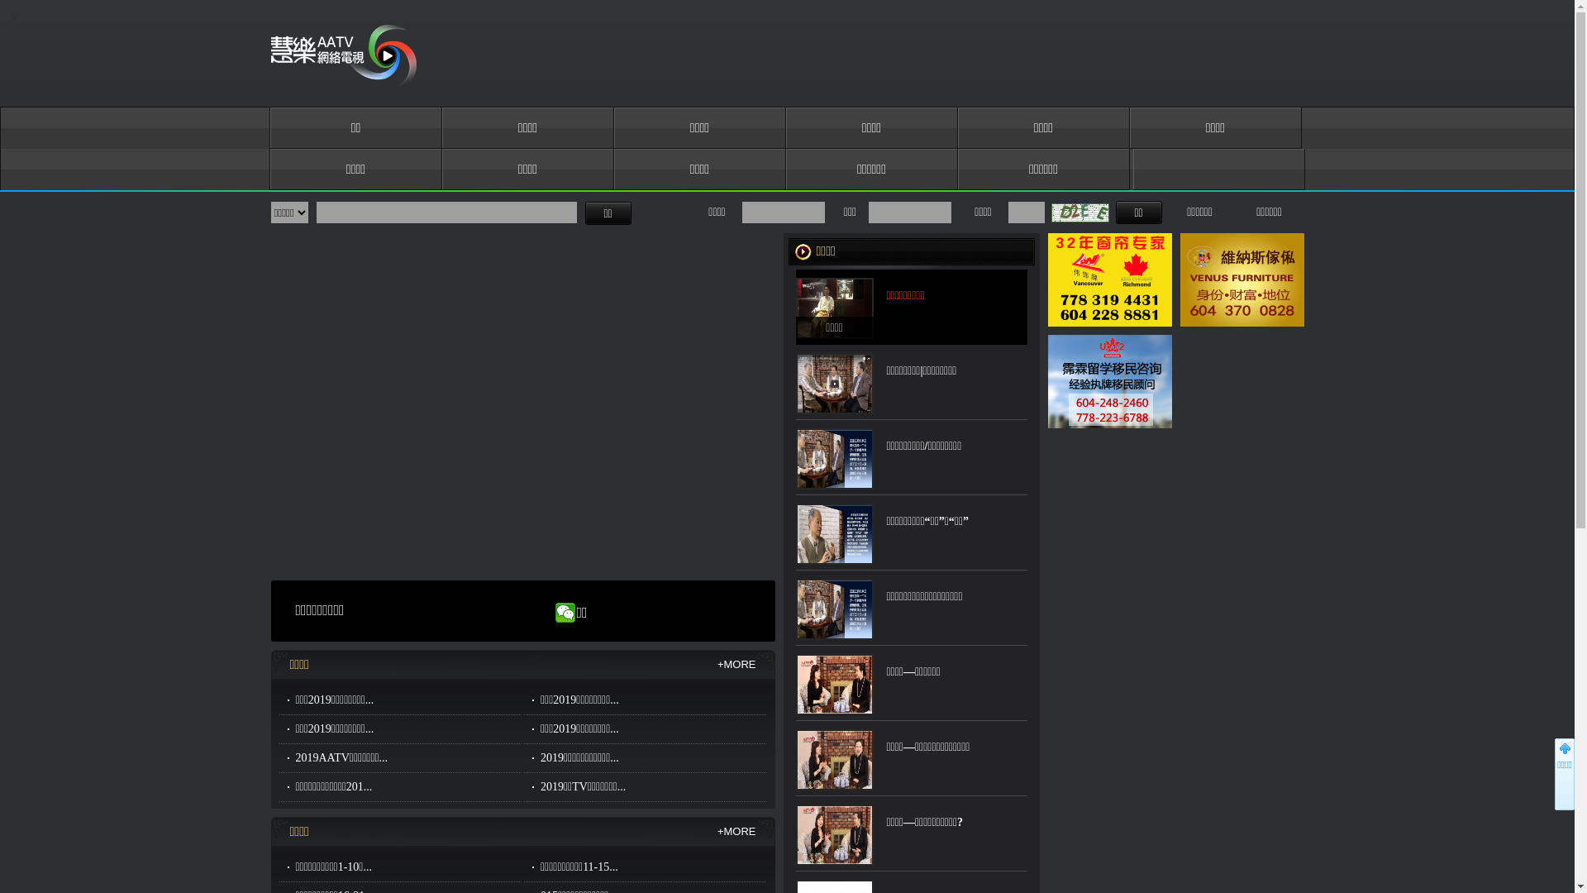 This screenshot has height=893, width=1587. What do you see at coordinates (736, 663) in the screenshot?
I see `'+MORE'` at bounding box center [736, 663].